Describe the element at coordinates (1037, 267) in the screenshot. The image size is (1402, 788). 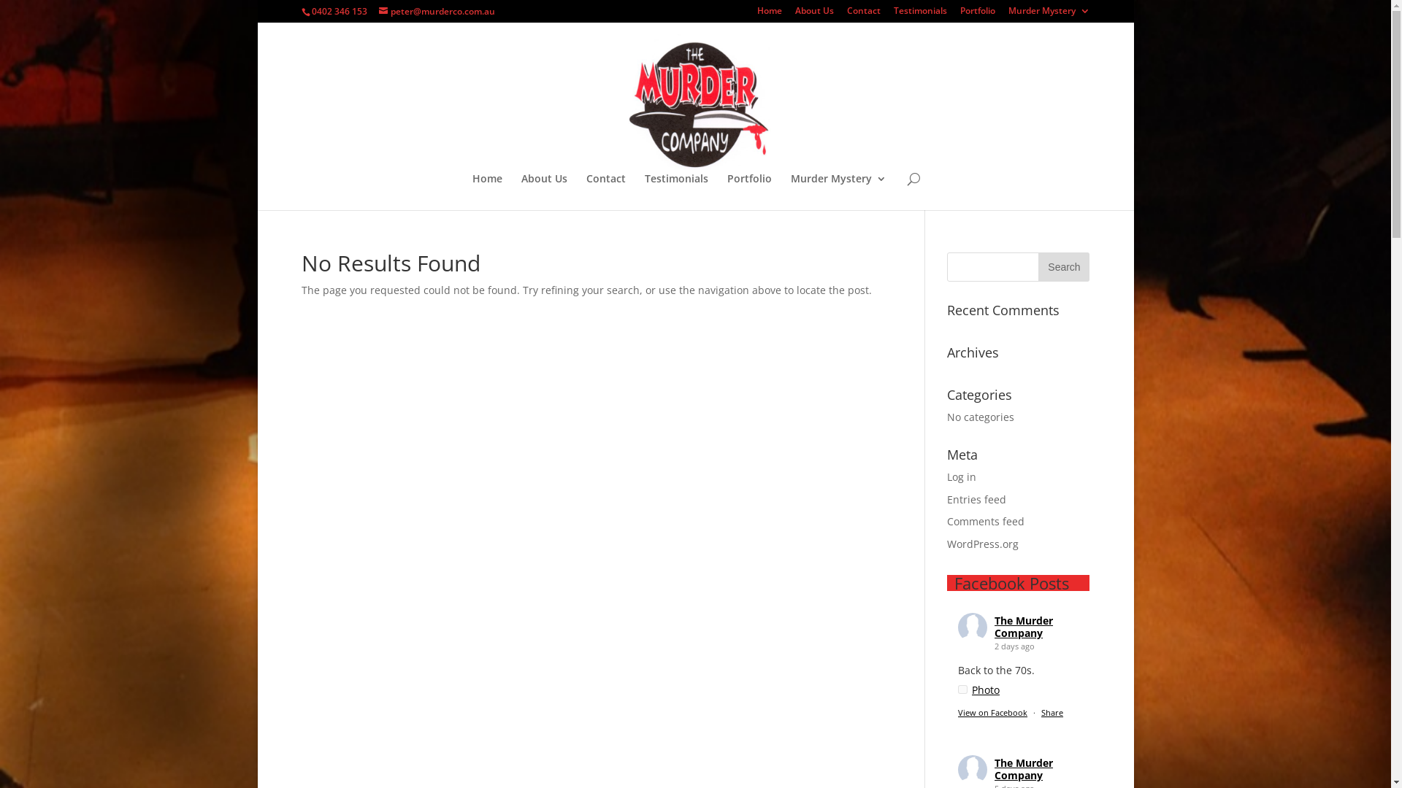
I see `'Search'` at that location.